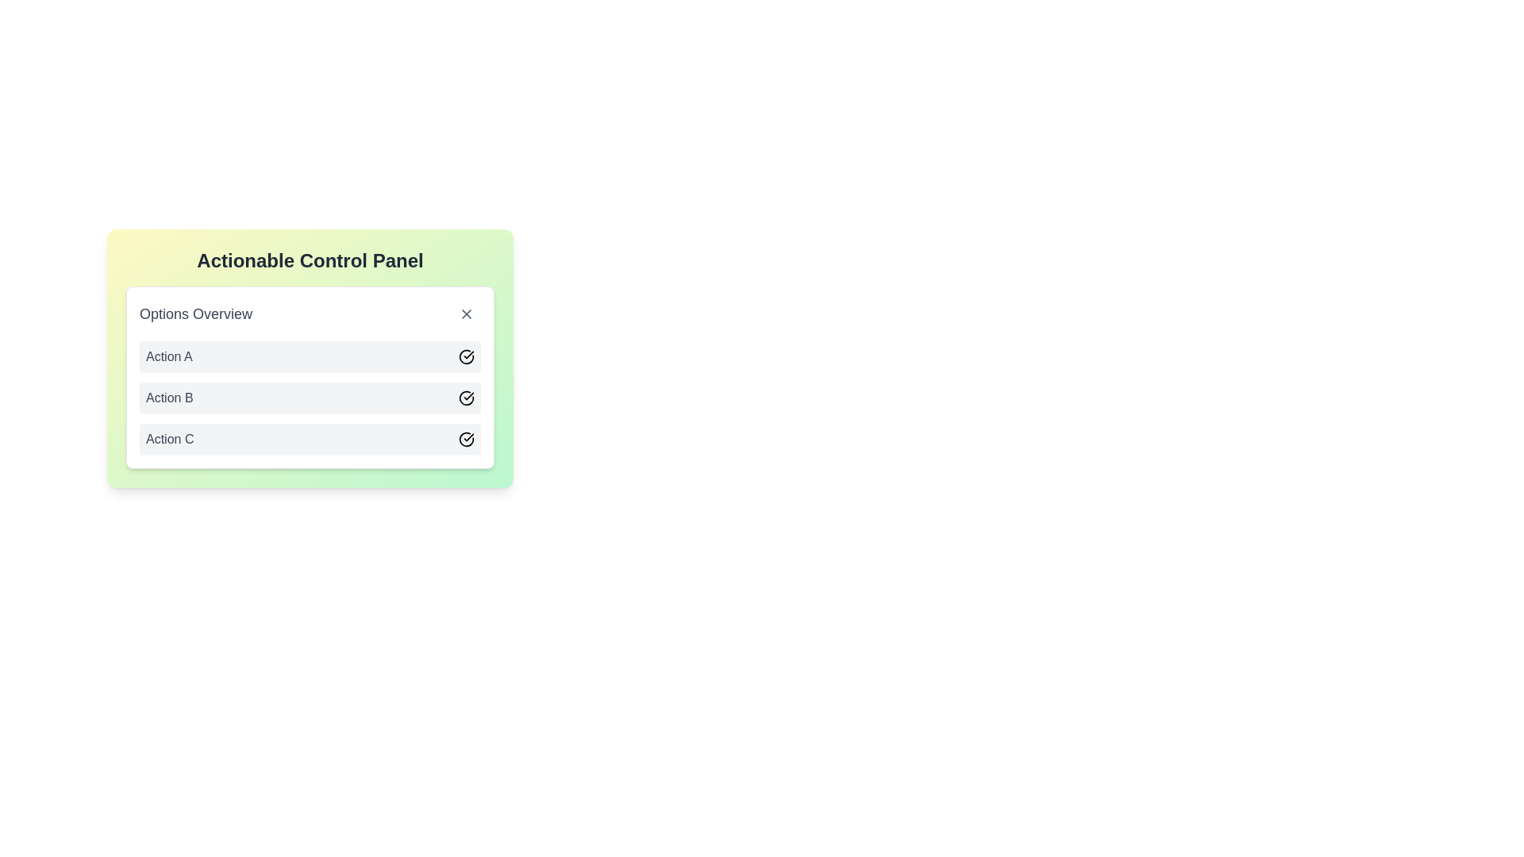 The width and height of the screenshot is (1524, 857). Describe the element at coordinates (466, 397) in the screenshot. I see `the status icon located to the far right of the 'Action B' row in the 'Options Overview' section` at that location.